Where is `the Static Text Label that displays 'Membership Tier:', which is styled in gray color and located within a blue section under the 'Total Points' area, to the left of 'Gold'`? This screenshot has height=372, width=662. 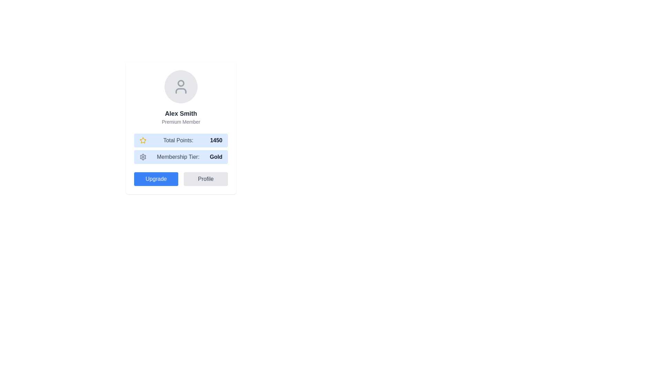
the Static Text Label that displays 'Membership Tier:', which is styled in gray color and located within a blue section under the 'Total Points' area, to the left of 'Gold' is located at coordinates (178, 157).